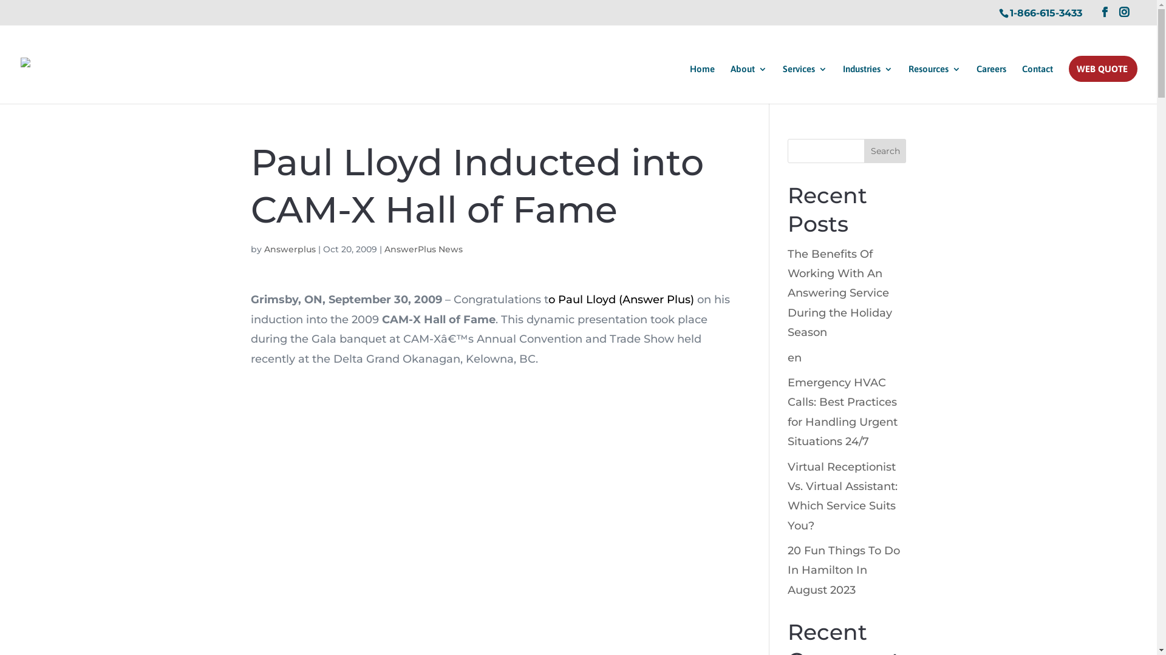 The image size is (1166, 655). What do you see at coordinates (423, 249) in the screenshot?
I see `'AnswerPlus News'` at bounding box center [423, 249].